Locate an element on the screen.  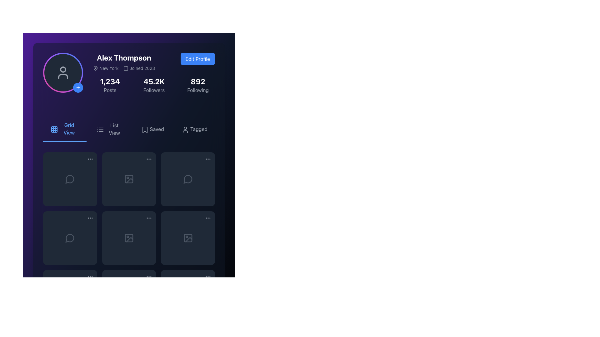
the circular button with three dots (ellipsis symbol) located in the top-right corner of the bottom-middle grid tile is located at coordinates (149, 217).